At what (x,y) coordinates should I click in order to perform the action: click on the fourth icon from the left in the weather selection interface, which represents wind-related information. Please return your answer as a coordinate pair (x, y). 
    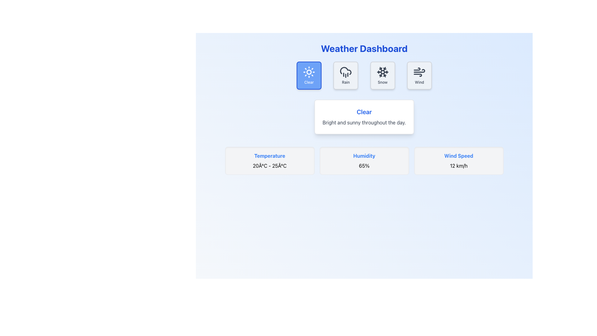
    Looking at the image, I should click on (419, 72).